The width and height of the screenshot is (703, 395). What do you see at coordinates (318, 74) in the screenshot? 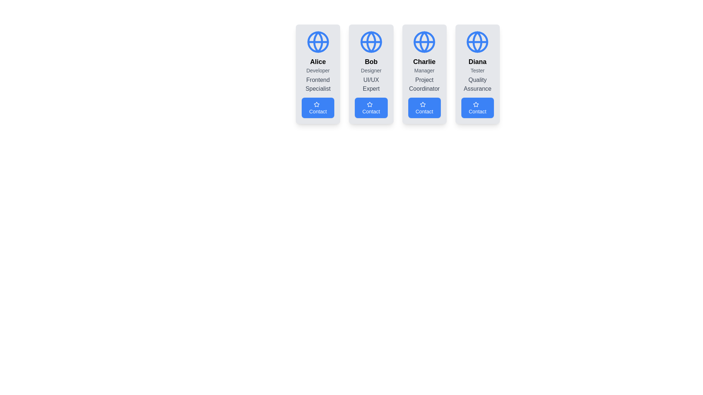
I see `professional details displayed on the Profile card for 'Alice', which includes a 'Contact' button and is located at the first position in a grid layout` at bounding box center [318, 74].